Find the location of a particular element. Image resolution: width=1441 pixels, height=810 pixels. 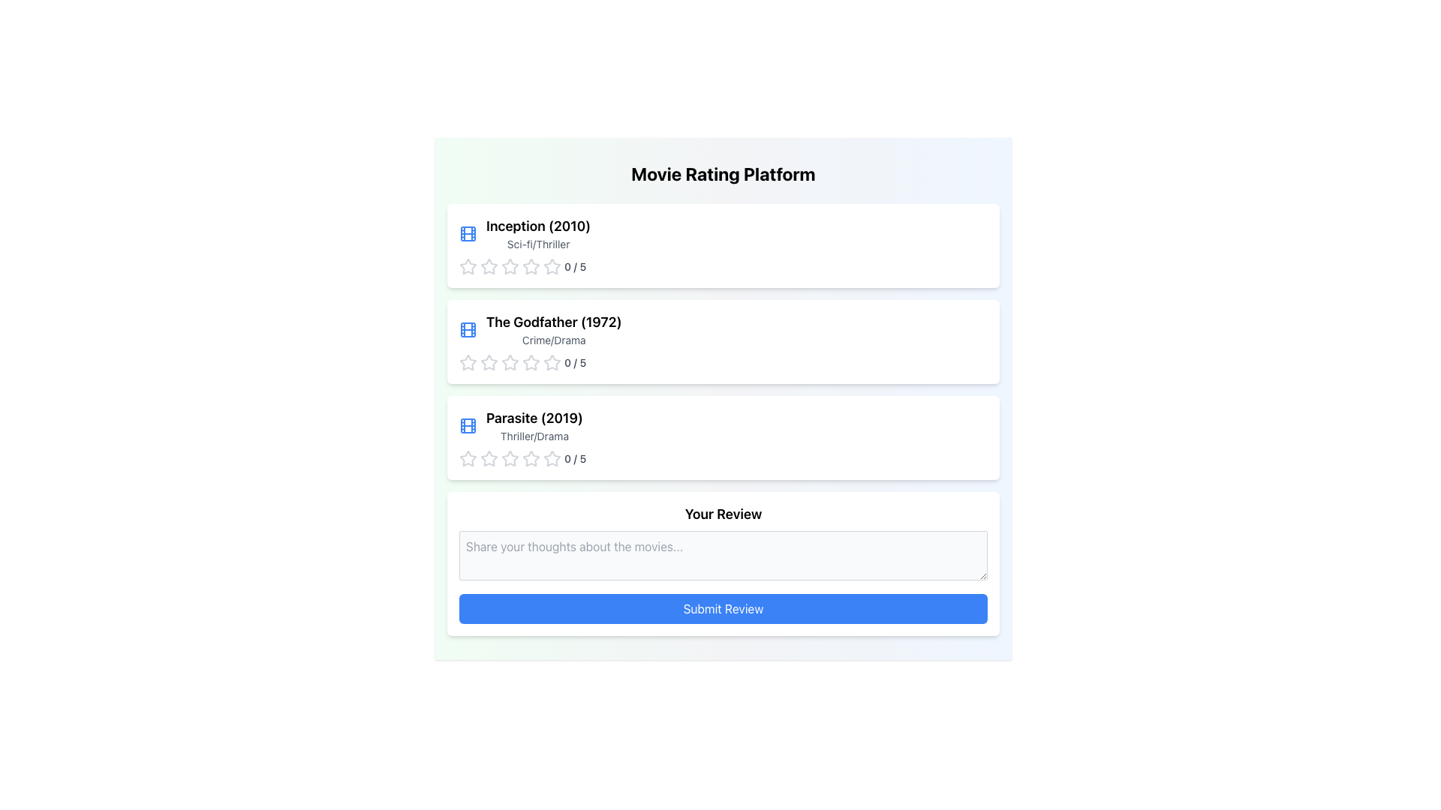

the text label that displays the title 'The Godfather (1972)', which is the second movie entry in the vertically stacked list is located at coordinates (553, 321).